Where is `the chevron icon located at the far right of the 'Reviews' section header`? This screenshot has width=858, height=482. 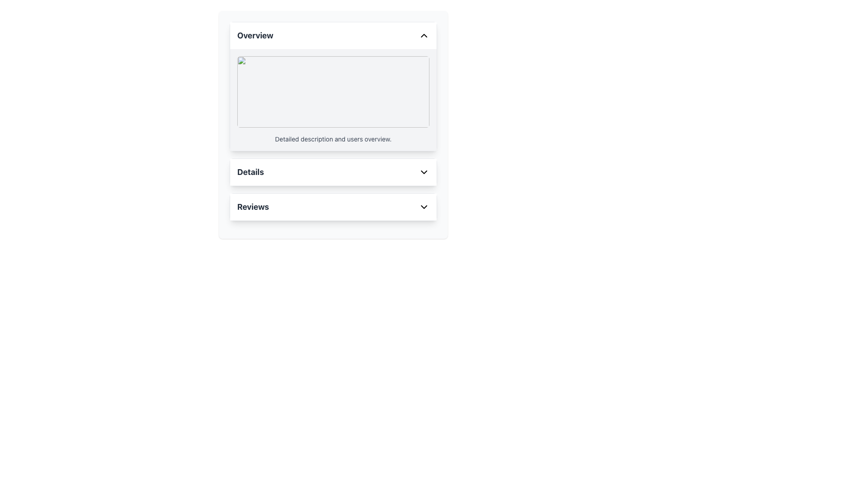 the chevron icon located at the far right of the 'Reviews' section header is located at coordinates (424, 207).